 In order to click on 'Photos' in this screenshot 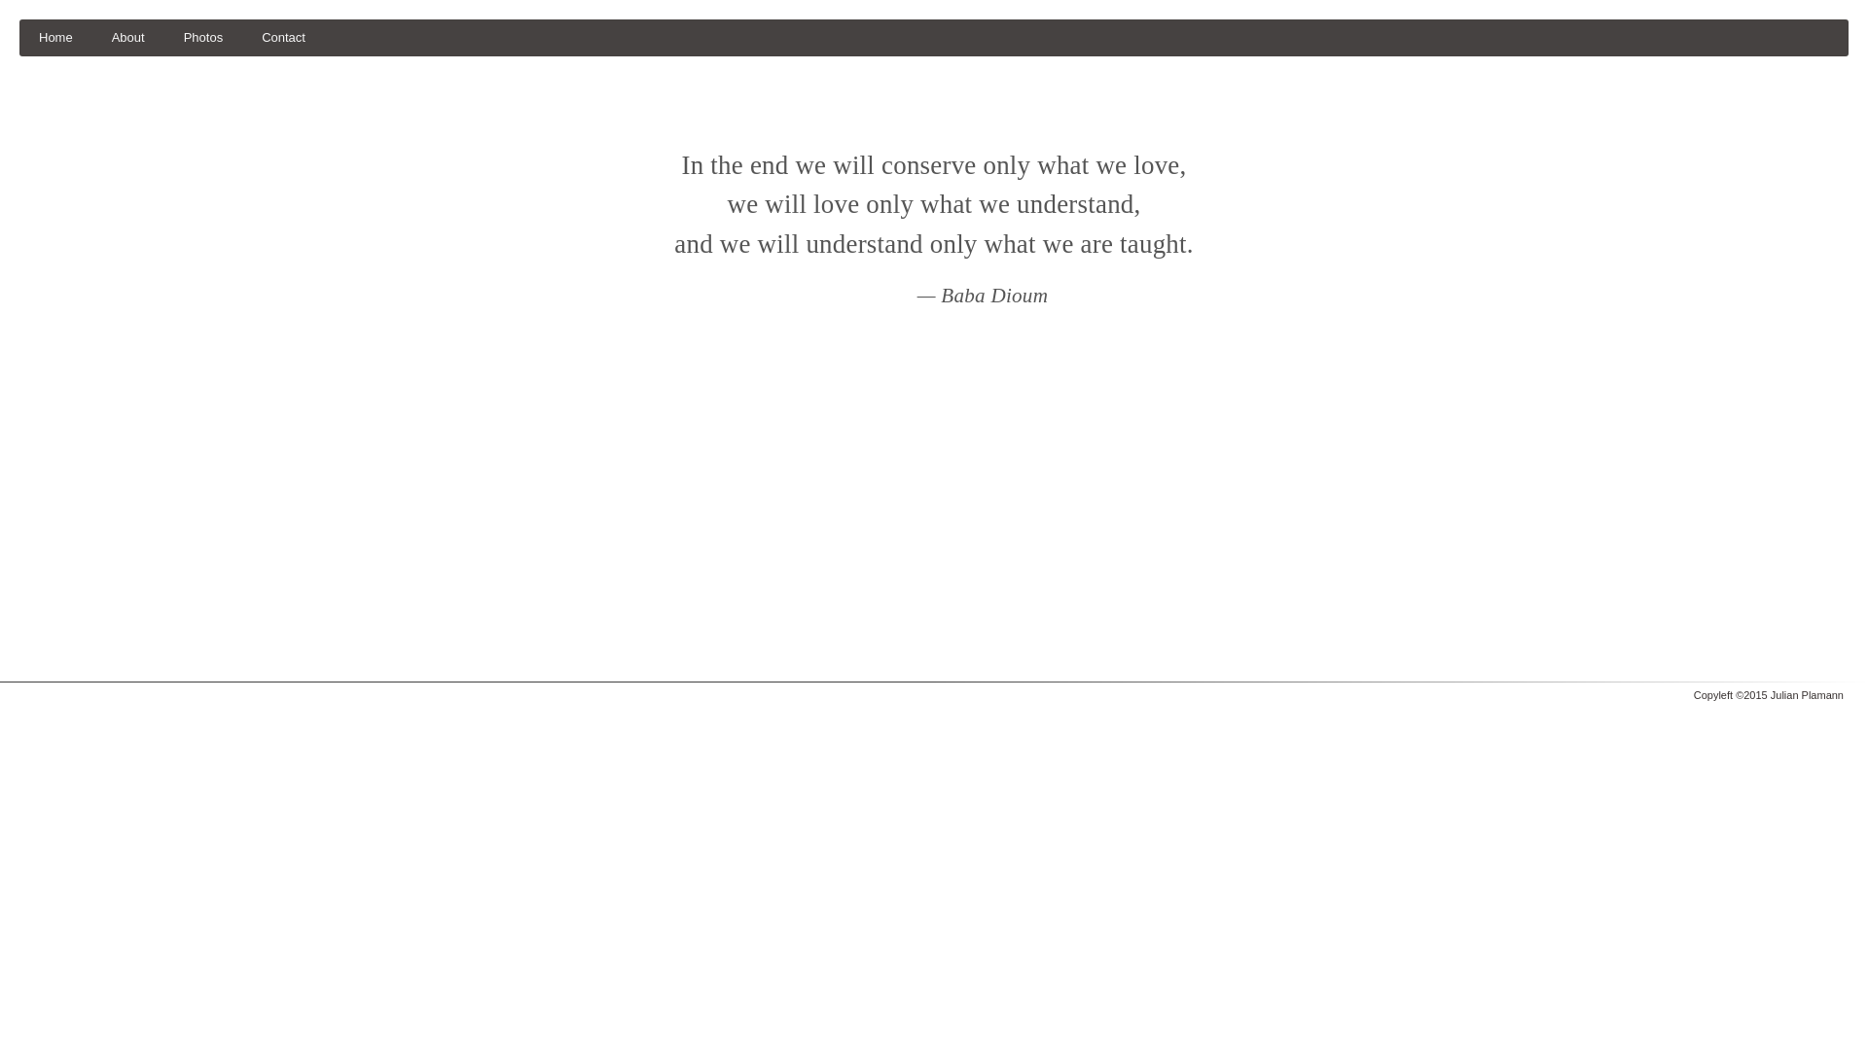, I will do `click(203, 37)`.